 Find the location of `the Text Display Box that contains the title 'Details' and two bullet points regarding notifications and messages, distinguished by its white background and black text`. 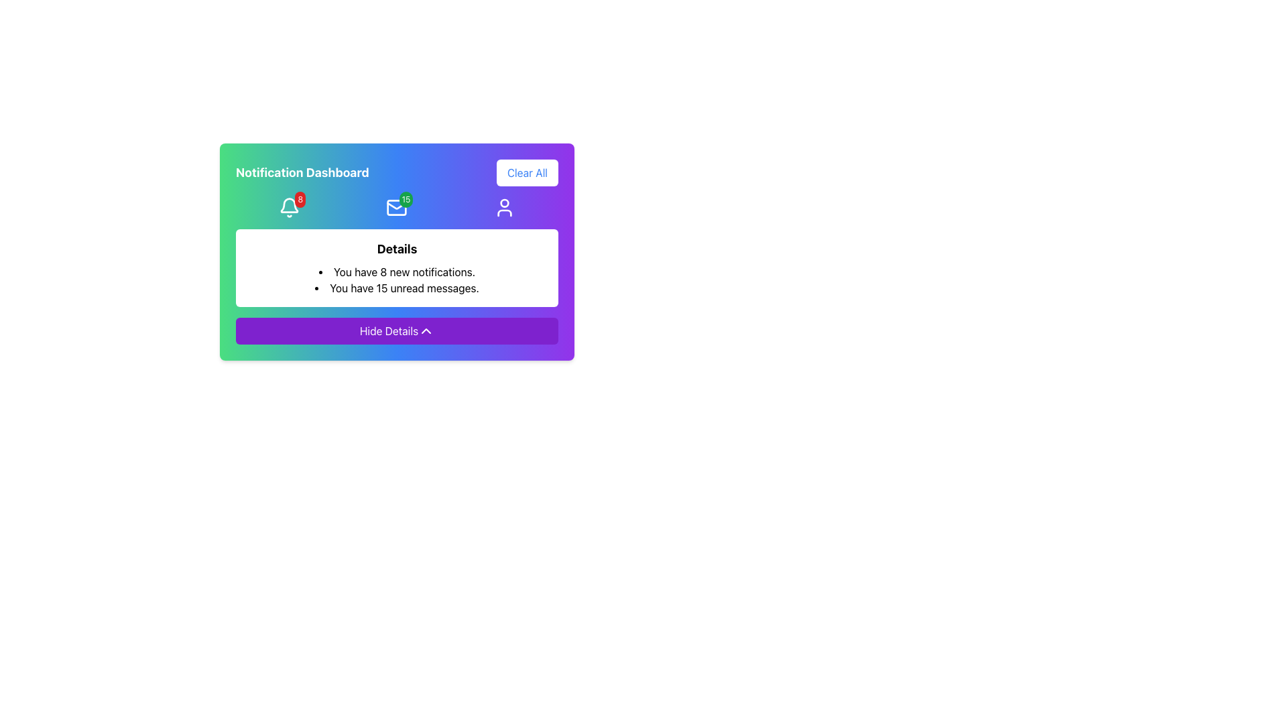

the Text Display Box that contains the title 'Details' and two bullet points regarding notifications and messages, distinguished by its white background and black text is located at coordinates (396, 268).